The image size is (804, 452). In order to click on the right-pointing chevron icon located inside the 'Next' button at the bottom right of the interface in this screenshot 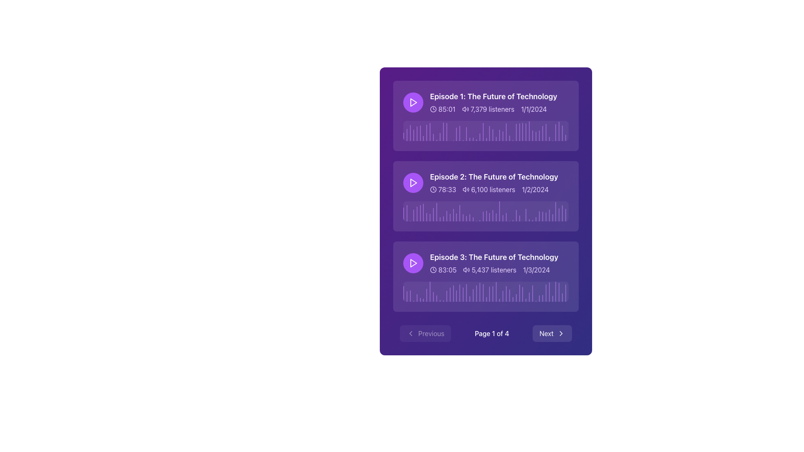, I will do `click(561, 333)`.